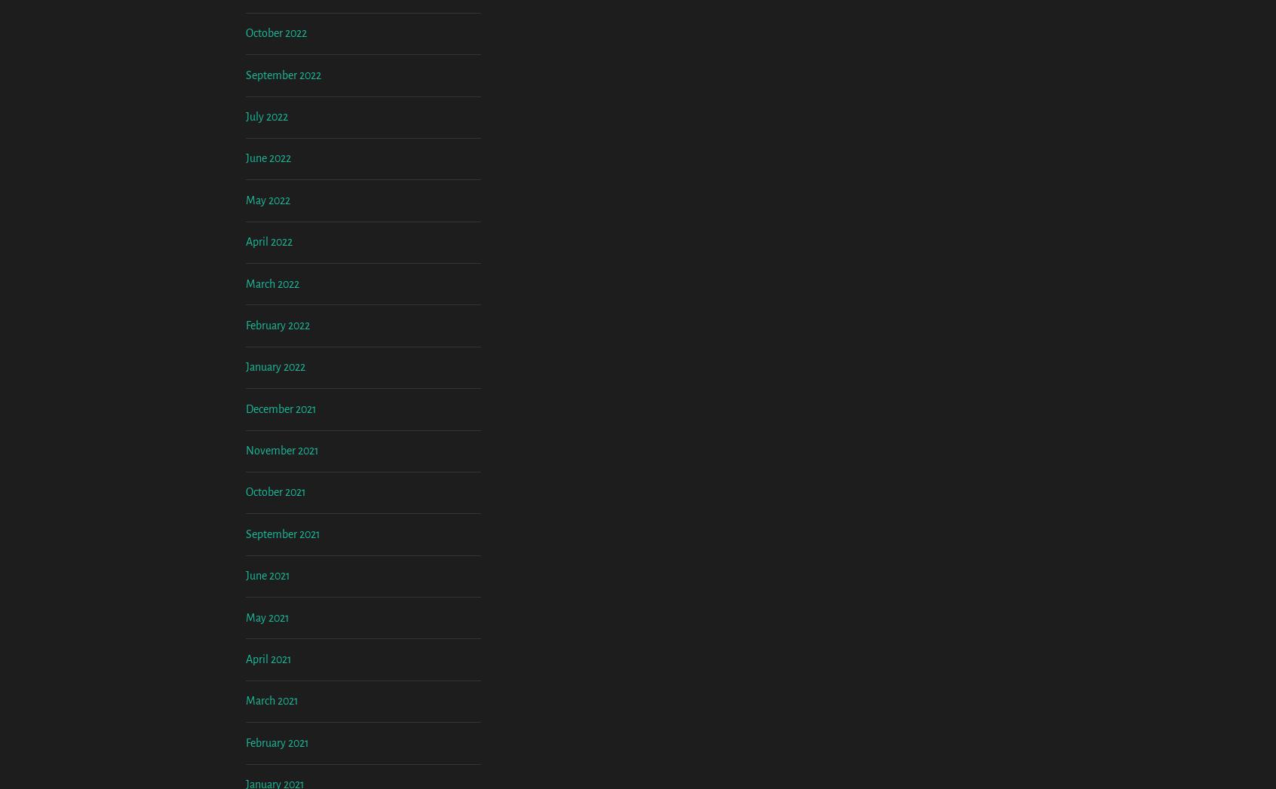 This screenshot has width=1276, height=789. I want to click on 'June 2021', so click(268, 701).